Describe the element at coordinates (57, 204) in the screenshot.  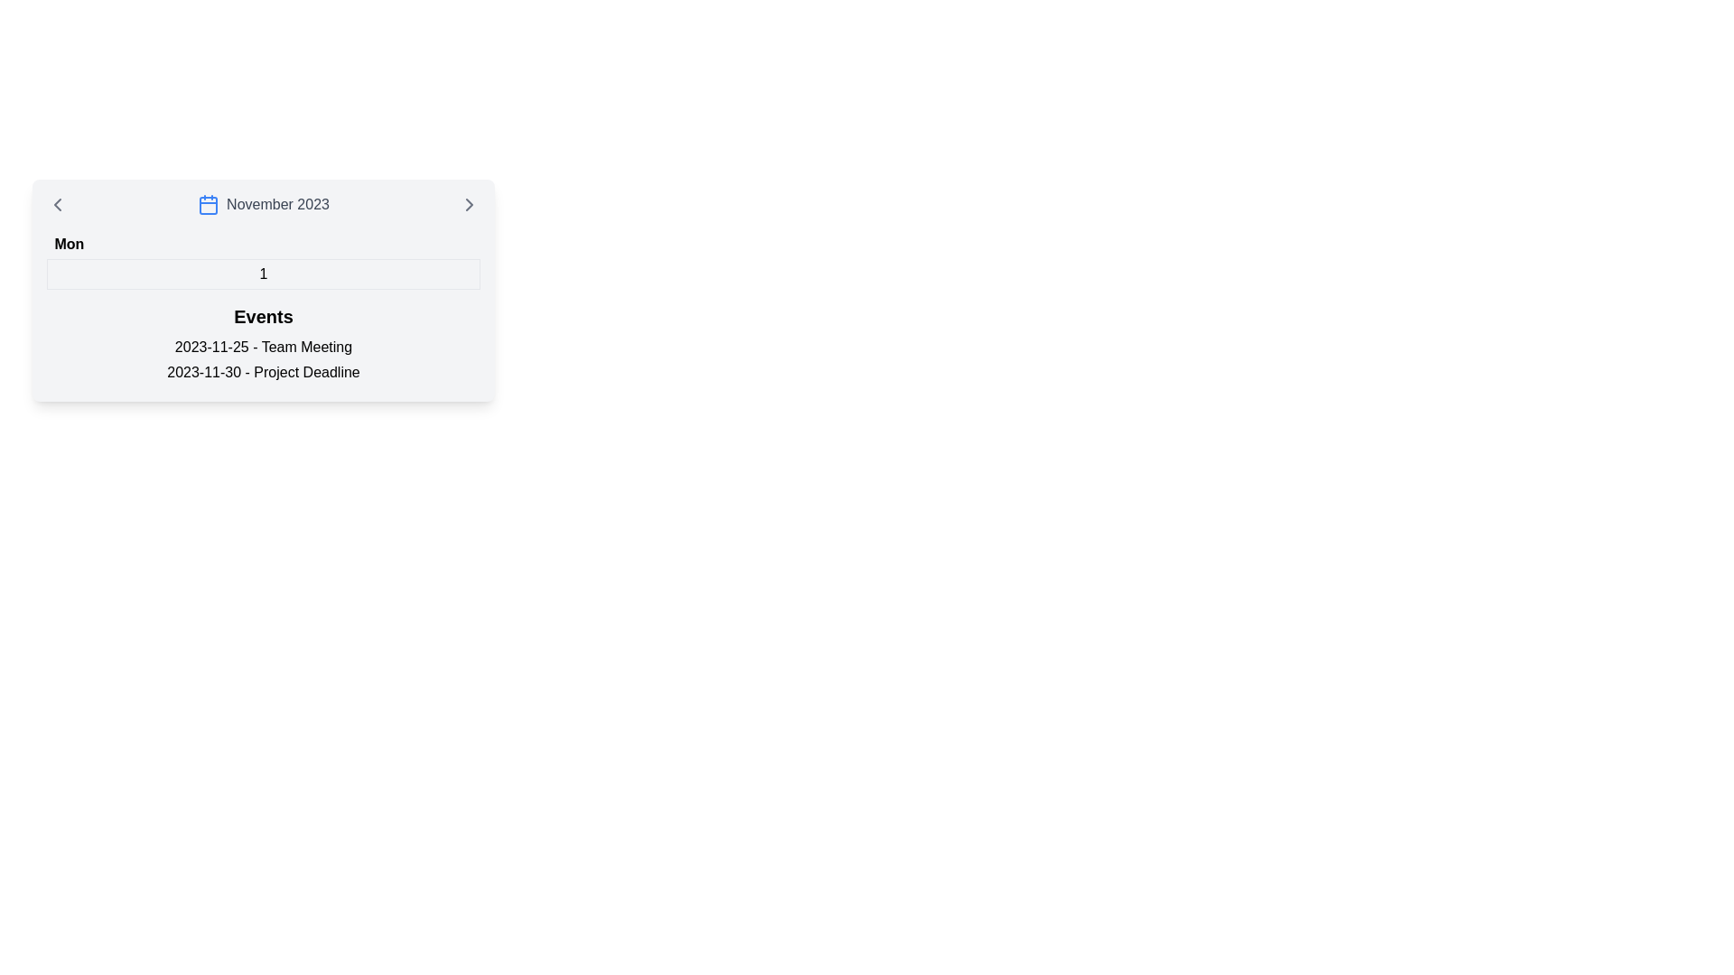
I see `the leftward arrow icon representing the previous month in the calendar UI for keyboard interaction` at that location.